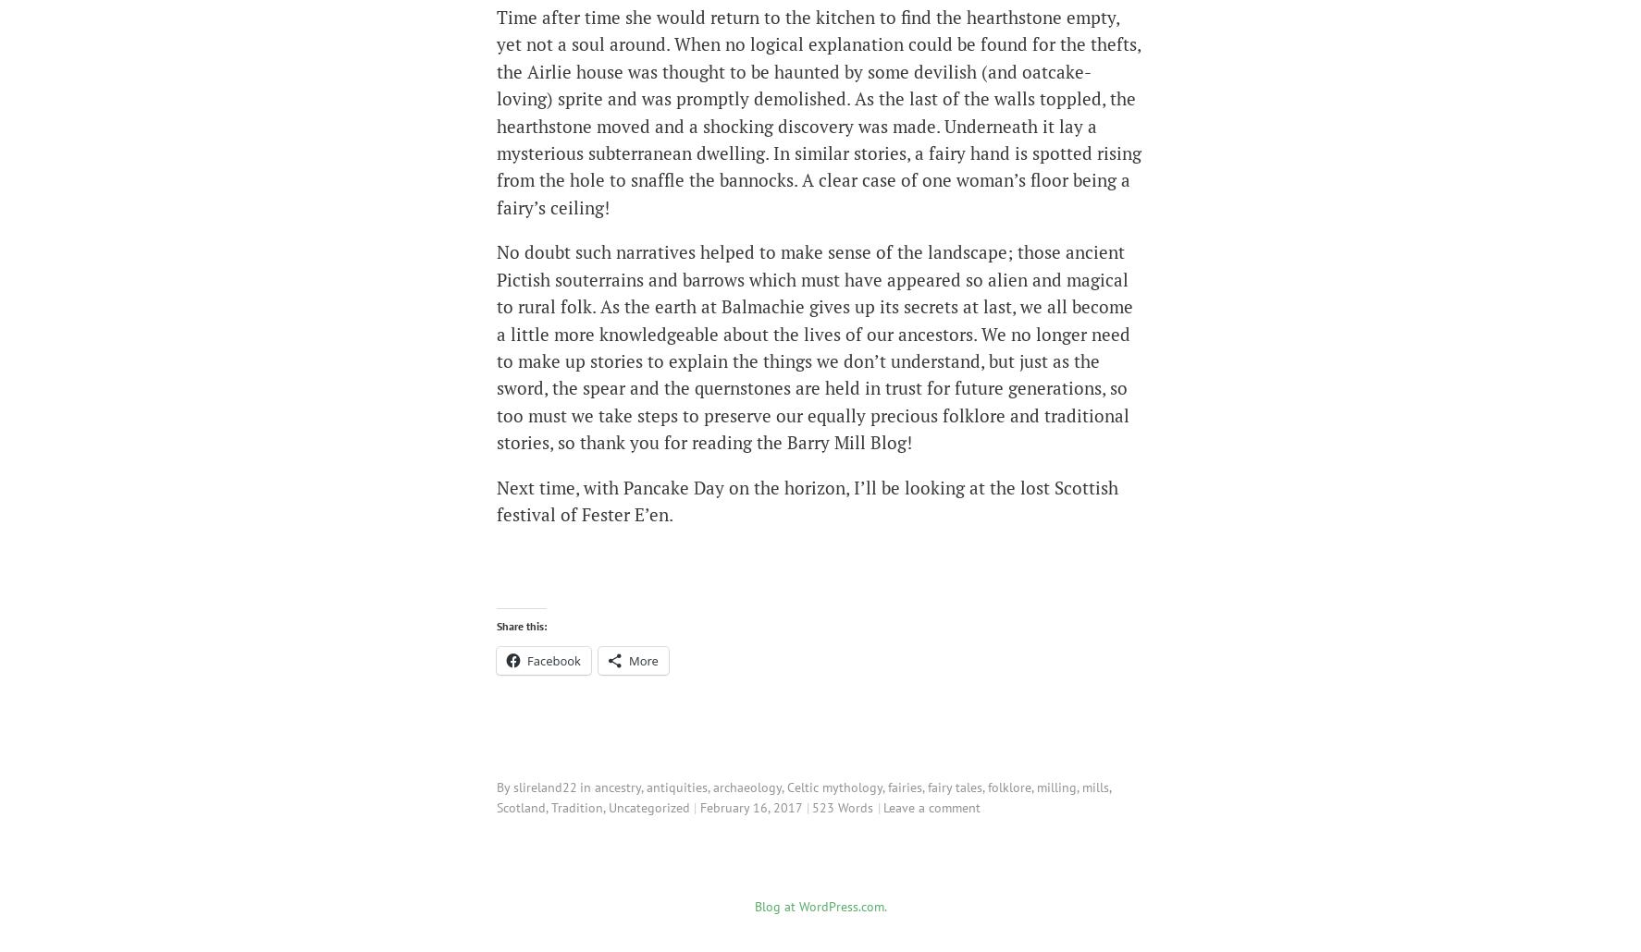 The image size is (1641, 952). What do you see at coordinates (544, 785) in the screenshot?
I see `'slireland22'` at bounding box center [544, 785].